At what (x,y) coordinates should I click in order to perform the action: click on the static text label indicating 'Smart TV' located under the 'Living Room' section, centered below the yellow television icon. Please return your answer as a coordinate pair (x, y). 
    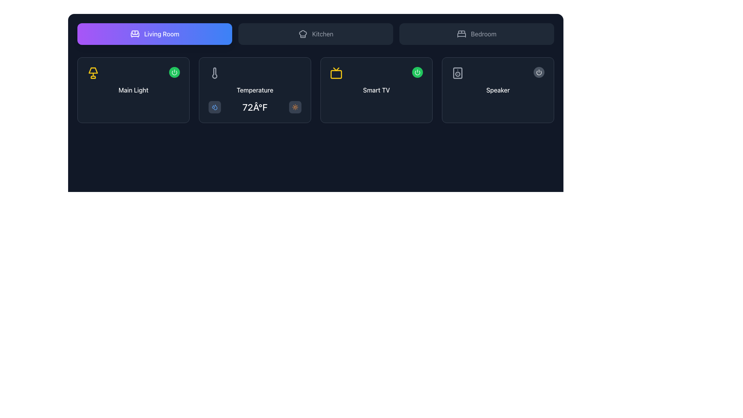
    Looking at the image, I should click on (377, 89).